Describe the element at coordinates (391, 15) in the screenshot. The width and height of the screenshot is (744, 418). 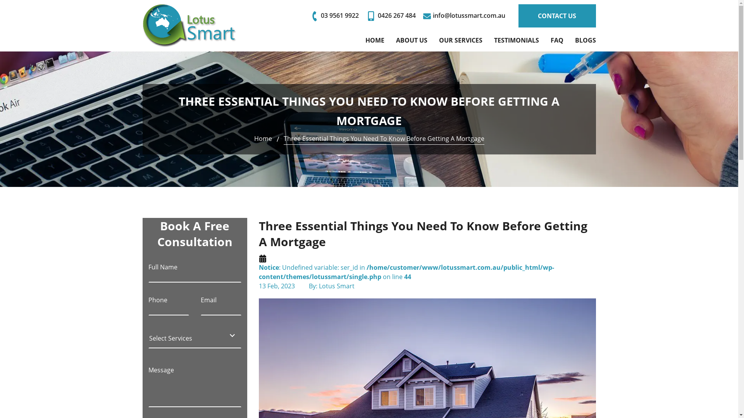
I see `'0426 267 484'` at that location.